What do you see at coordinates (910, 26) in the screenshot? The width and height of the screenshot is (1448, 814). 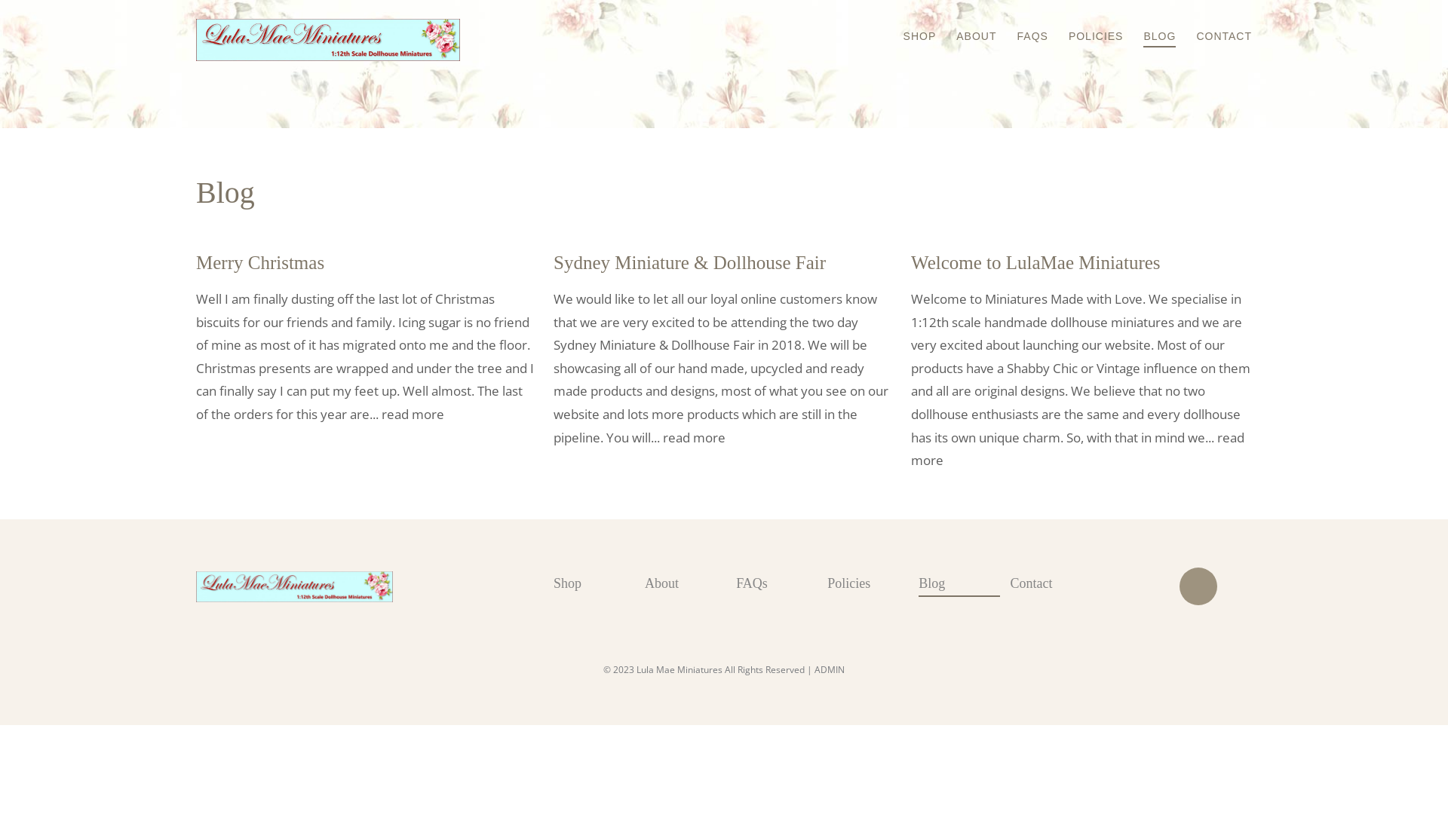 I see `'SHOP'` at bounding box center [910, 26].